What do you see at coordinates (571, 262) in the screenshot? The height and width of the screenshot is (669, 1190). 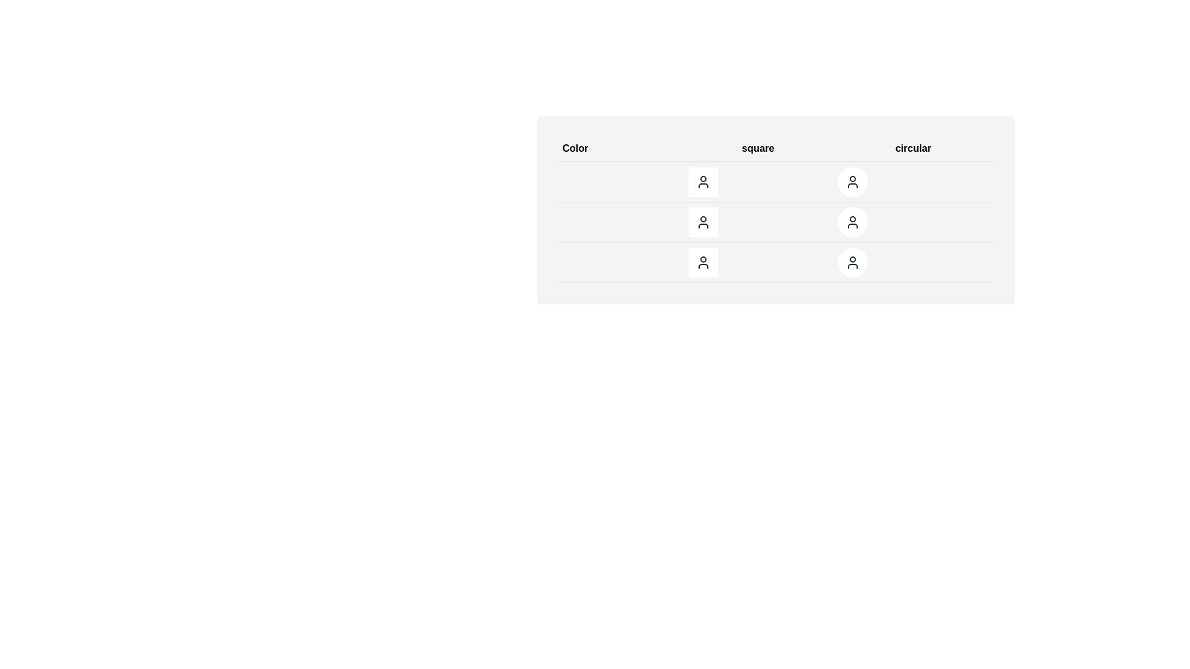 I see `the circular color indicator located in the third row under the 'Color' column` at bounding box center [571, 262].